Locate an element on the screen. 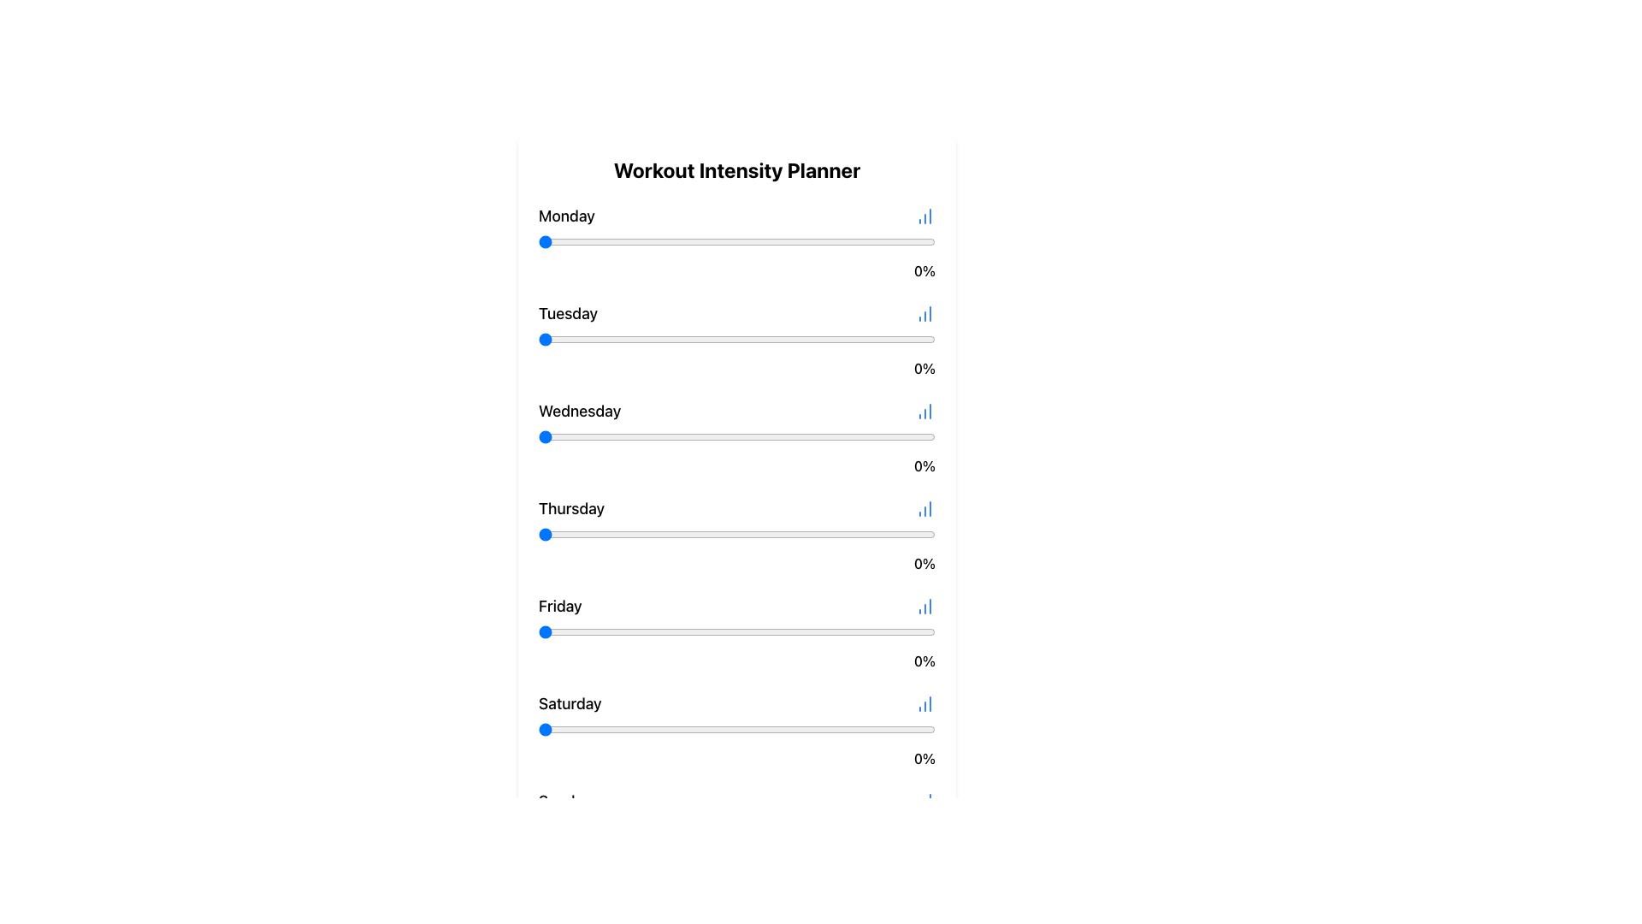  the icon that serves as a visual indicator for viewing or interacting with data related to the workout intensity for Tuesday, positioned to the far right of the 'Tuesday' label in the 'Workout Intensity Planner' interface is located at coordinates (924, 313).